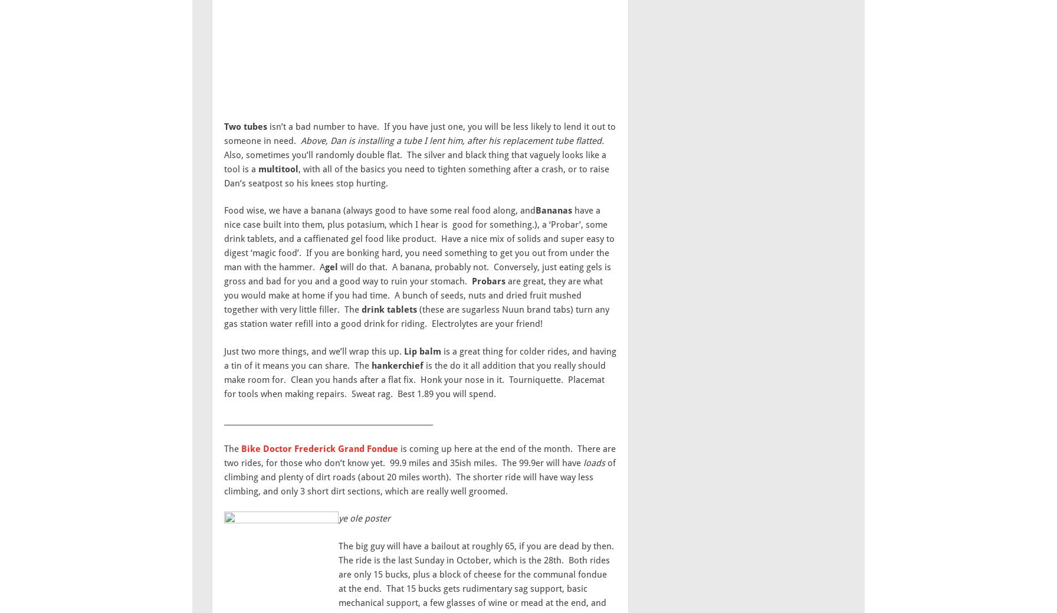  What do you see at coordinates (278, 169) in the screenshot?
I see `'multitool'` at bounding box center [278, 169].